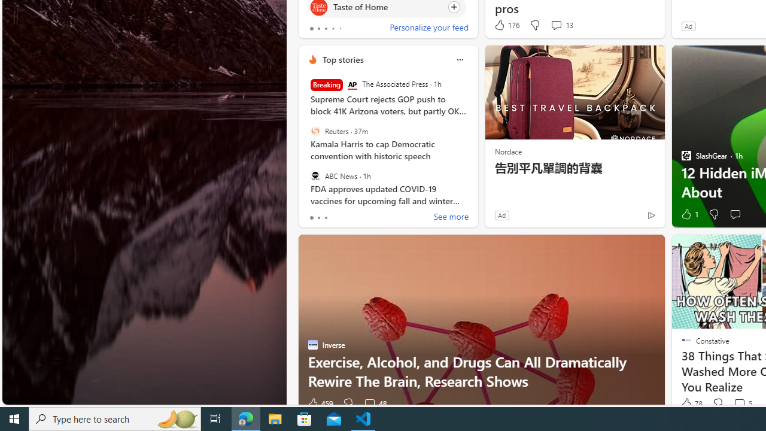 The height and width of the screenshot is (431, 766). Describe the element at coordinates (311, 217) in the screenshot. I see `'tab-0'` at that location.